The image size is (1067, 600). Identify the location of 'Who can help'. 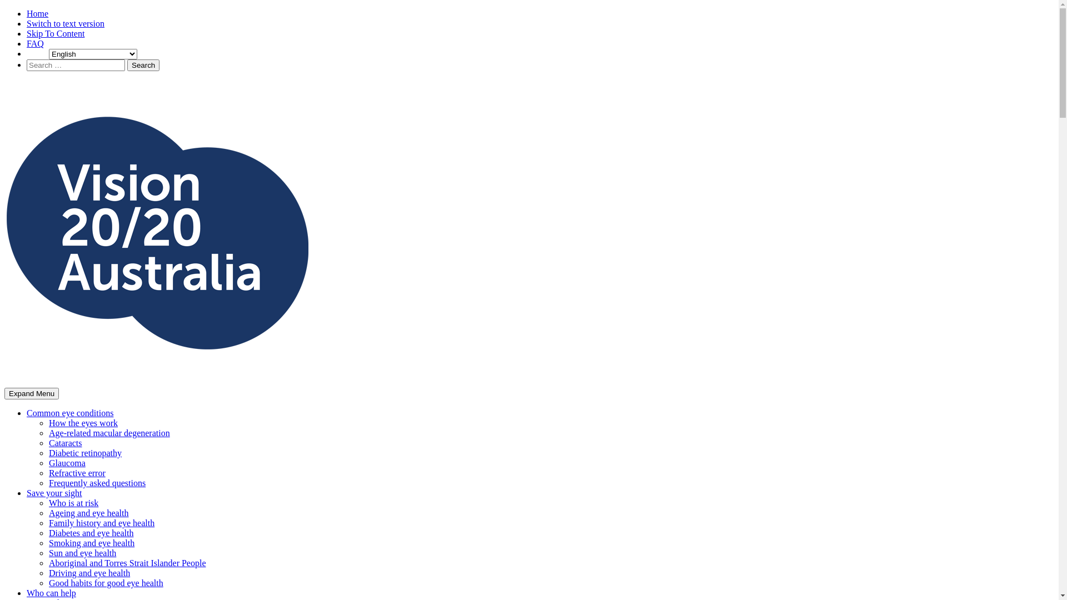
(51, 592).